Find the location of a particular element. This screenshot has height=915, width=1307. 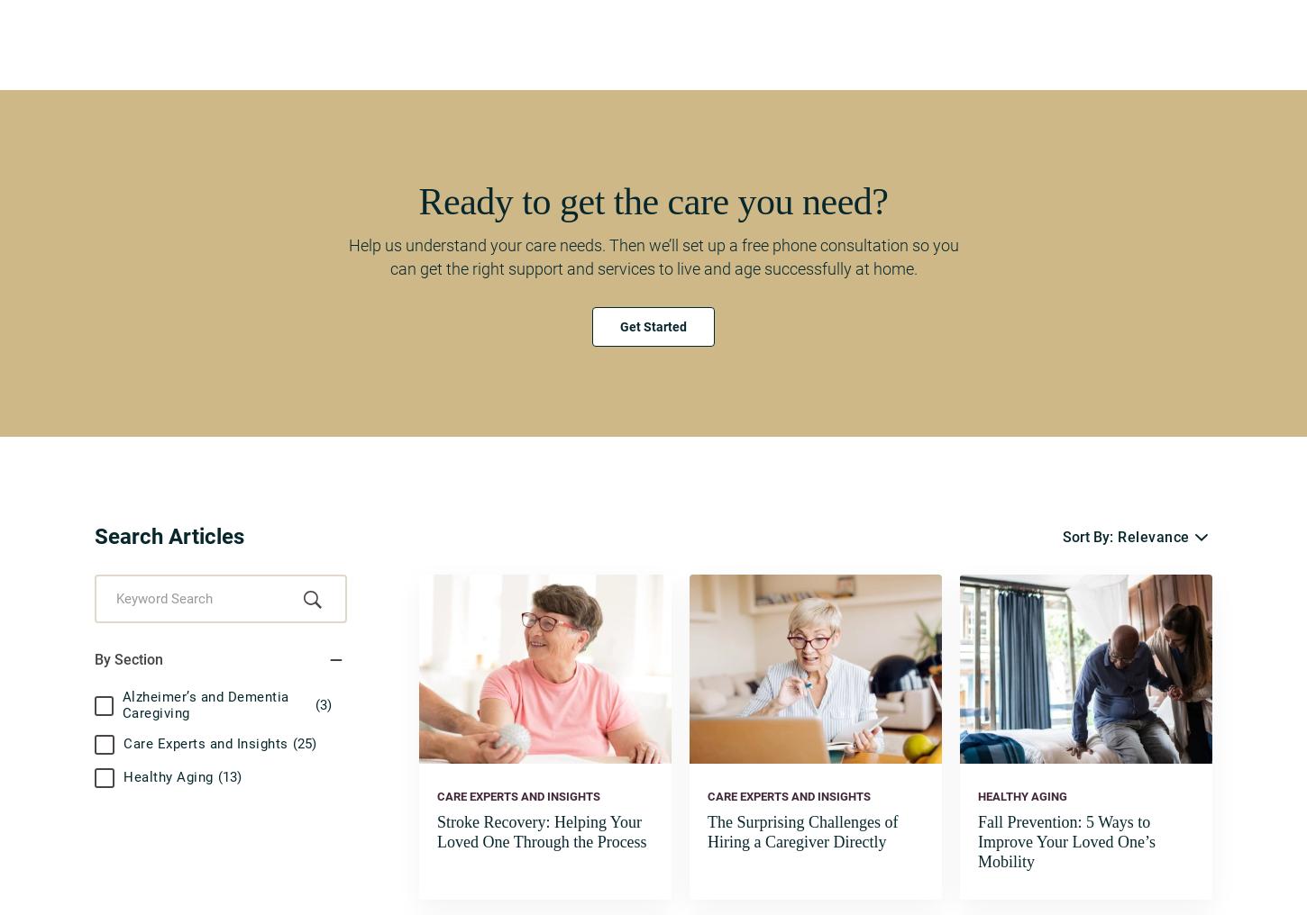

'Stroke Recovery: Helping Your Loved One Through the Process' is located at coordinates (437, 830).